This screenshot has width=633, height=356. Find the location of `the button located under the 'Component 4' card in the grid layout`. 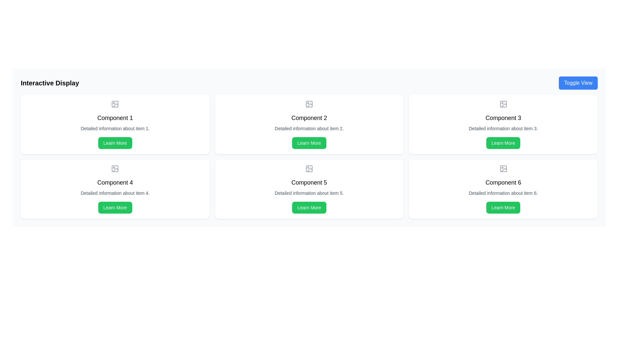

the button located under the 'Component 4' card in the grid layout is located at coordinates (115, 207).